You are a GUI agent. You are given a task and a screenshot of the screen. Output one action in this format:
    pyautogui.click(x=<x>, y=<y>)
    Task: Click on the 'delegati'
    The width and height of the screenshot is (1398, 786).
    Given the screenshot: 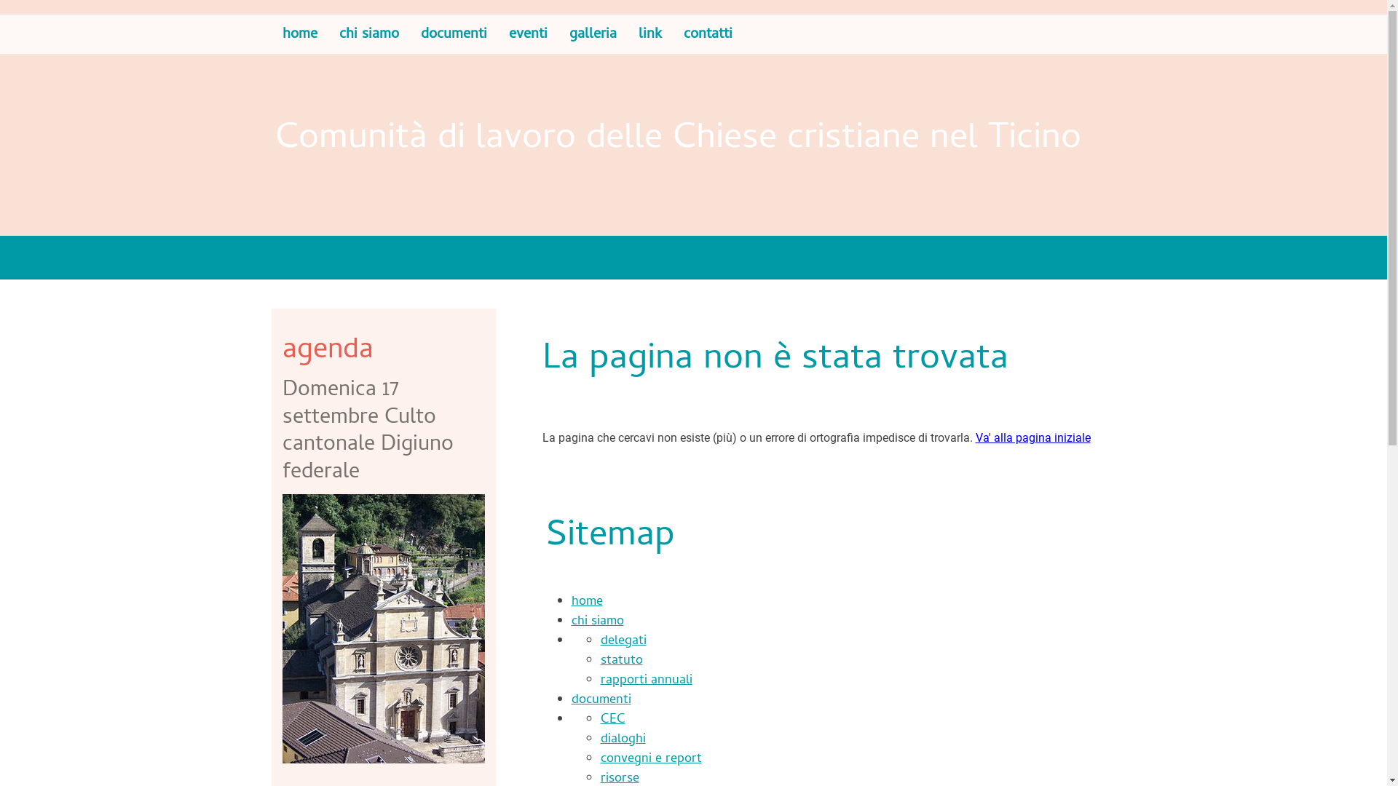 What is the action you would take?
    pyautogui.click(x=623, y=640)
    